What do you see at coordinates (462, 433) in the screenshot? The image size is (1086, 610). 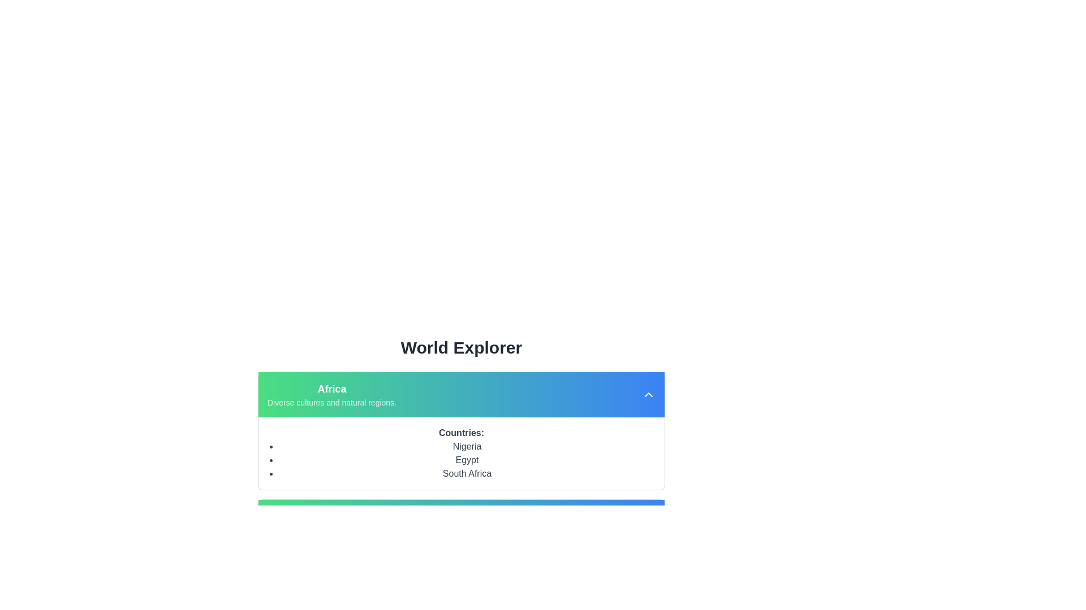 I see `the text label displaying 'Countries:' which is bold and positioned above the list of countries` at bounding box center [462, 433].